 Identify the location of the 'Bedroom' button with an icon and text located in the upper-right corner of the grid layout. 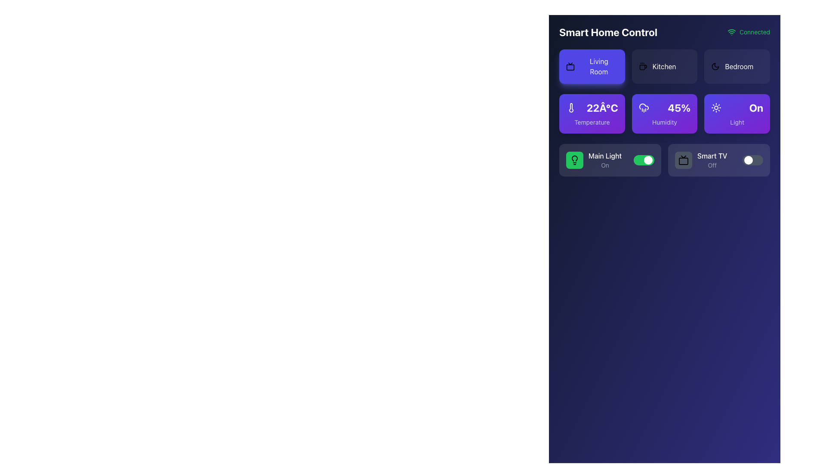
(737, 66).